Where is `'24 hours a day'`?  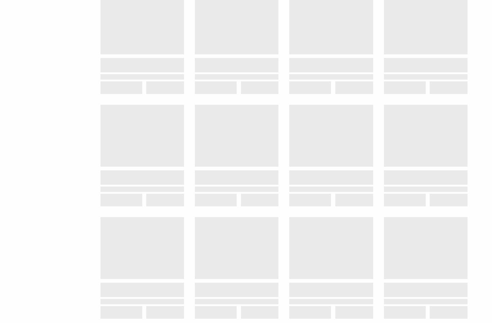
'24 hours a day' is located at coordinates (159, 12).